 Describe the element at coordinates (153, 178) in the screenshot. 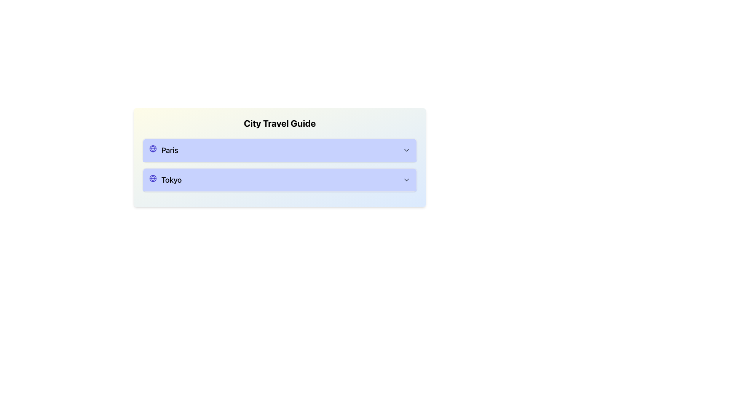

I see `the 'Tokyo' icon located in the second row under the 'City Travel Guide' header, which serves as a visual indicator for Tokyo` at that location.